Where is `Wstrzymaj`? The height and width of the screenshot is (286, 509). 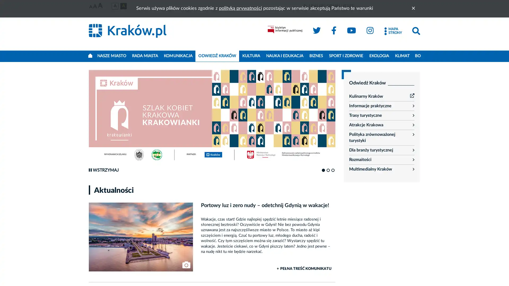
Wstrzymaj is located at coordinates (103, 170).